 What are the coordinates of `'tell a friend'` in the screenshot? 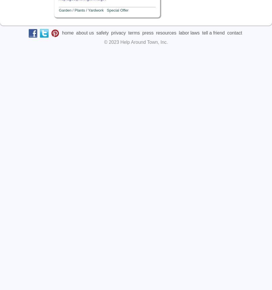 It's located at (202, 32).